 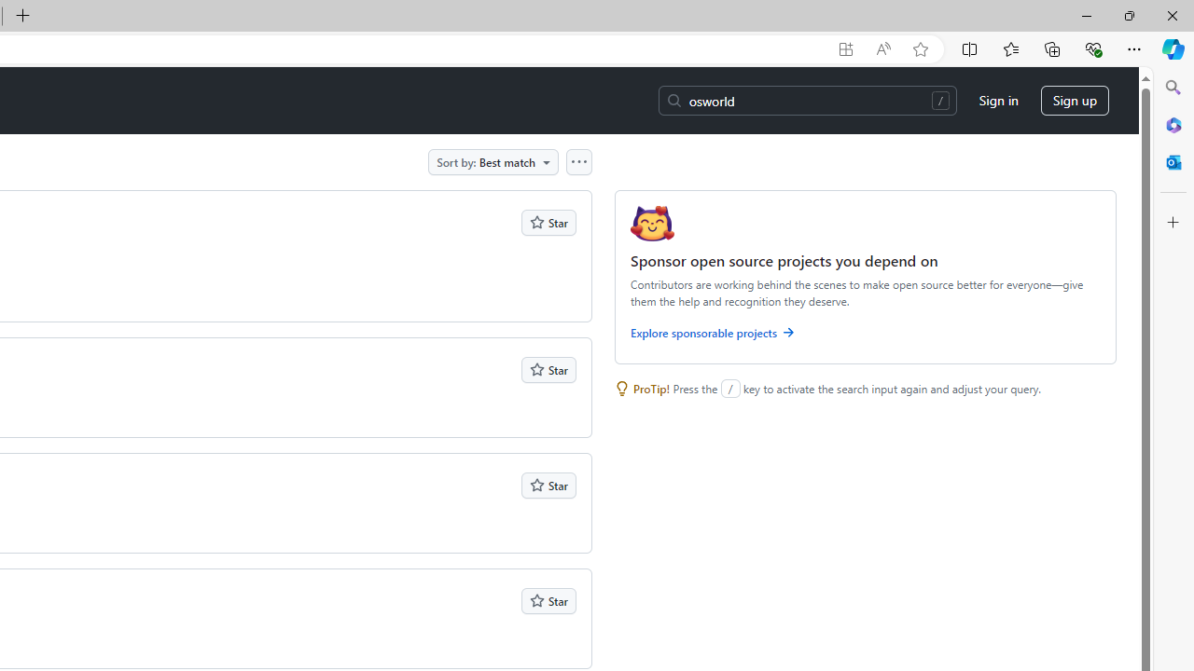 I want to click on 'Minimize', so click(x=1086, y=15).